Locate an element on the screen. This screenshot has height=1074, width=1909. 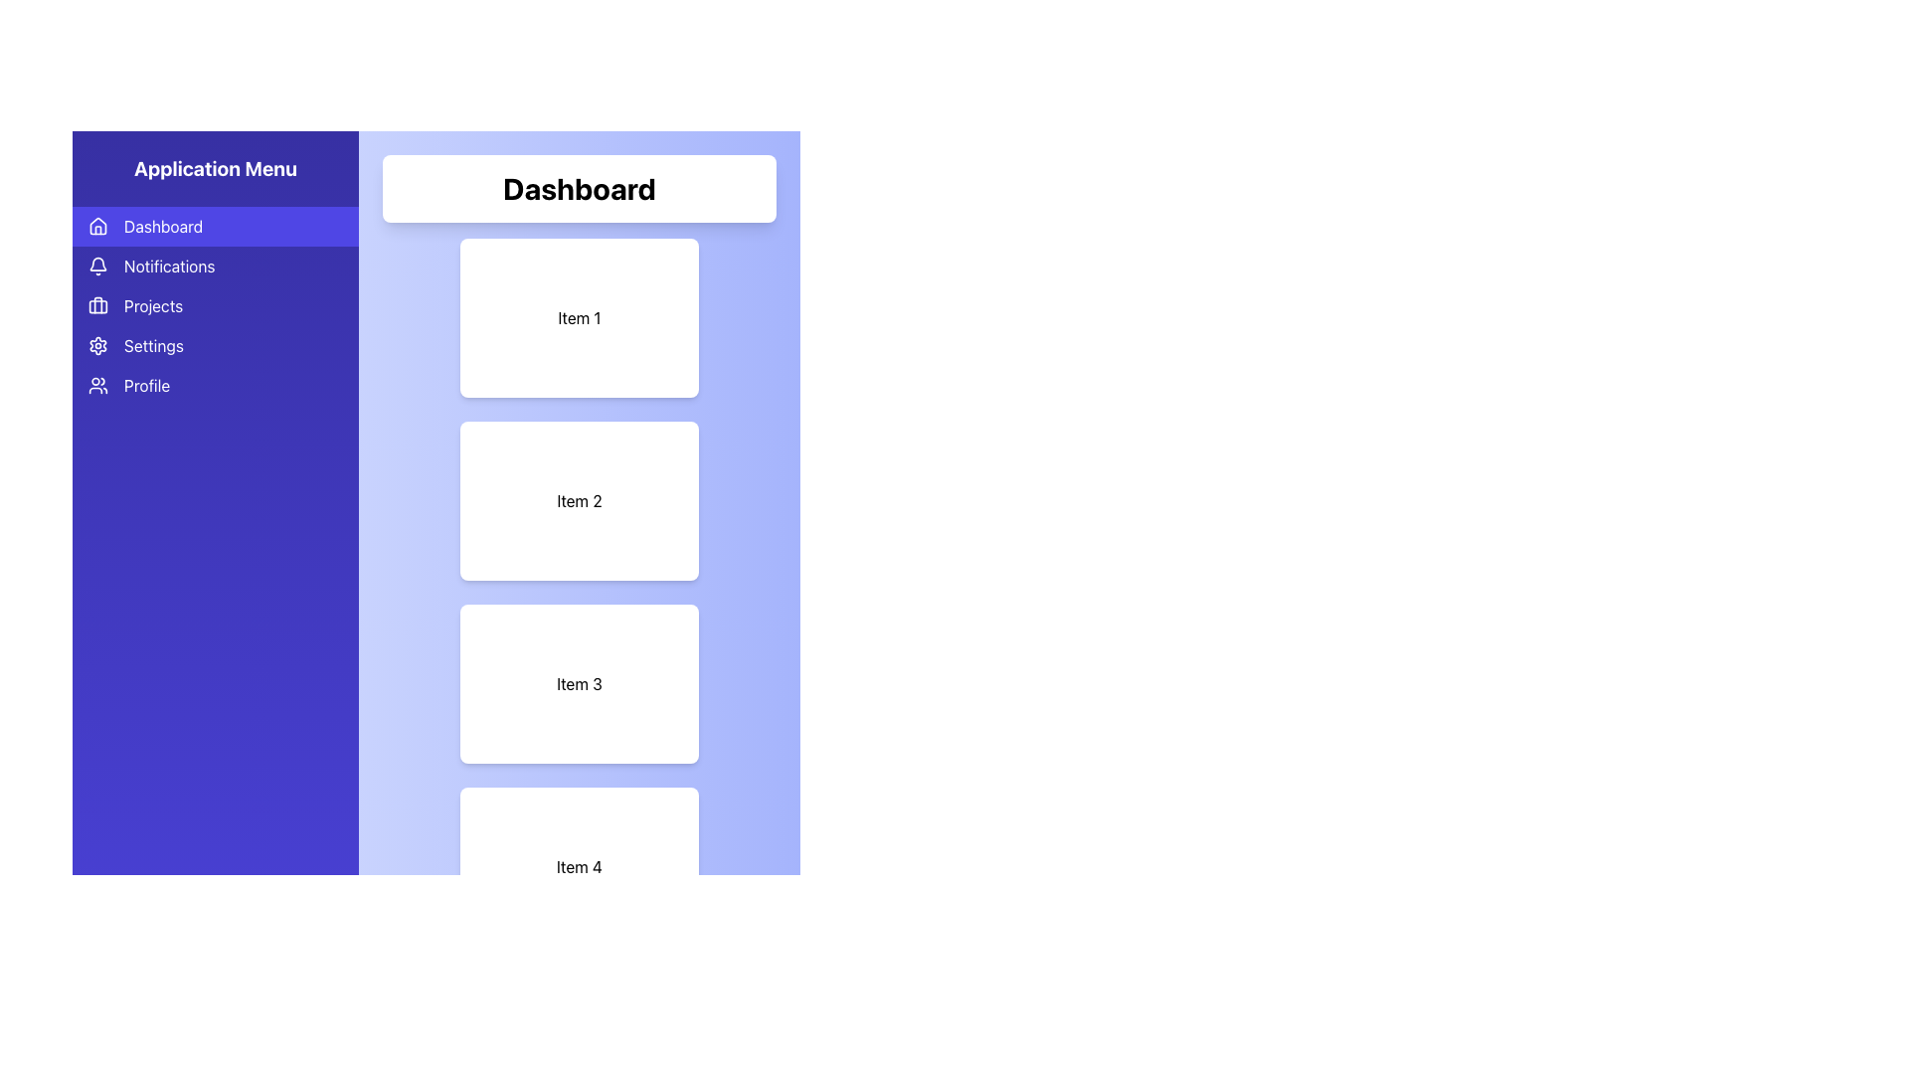
the 'Settings' label in the blue sidebar menu is located at coordinates (152, 344).